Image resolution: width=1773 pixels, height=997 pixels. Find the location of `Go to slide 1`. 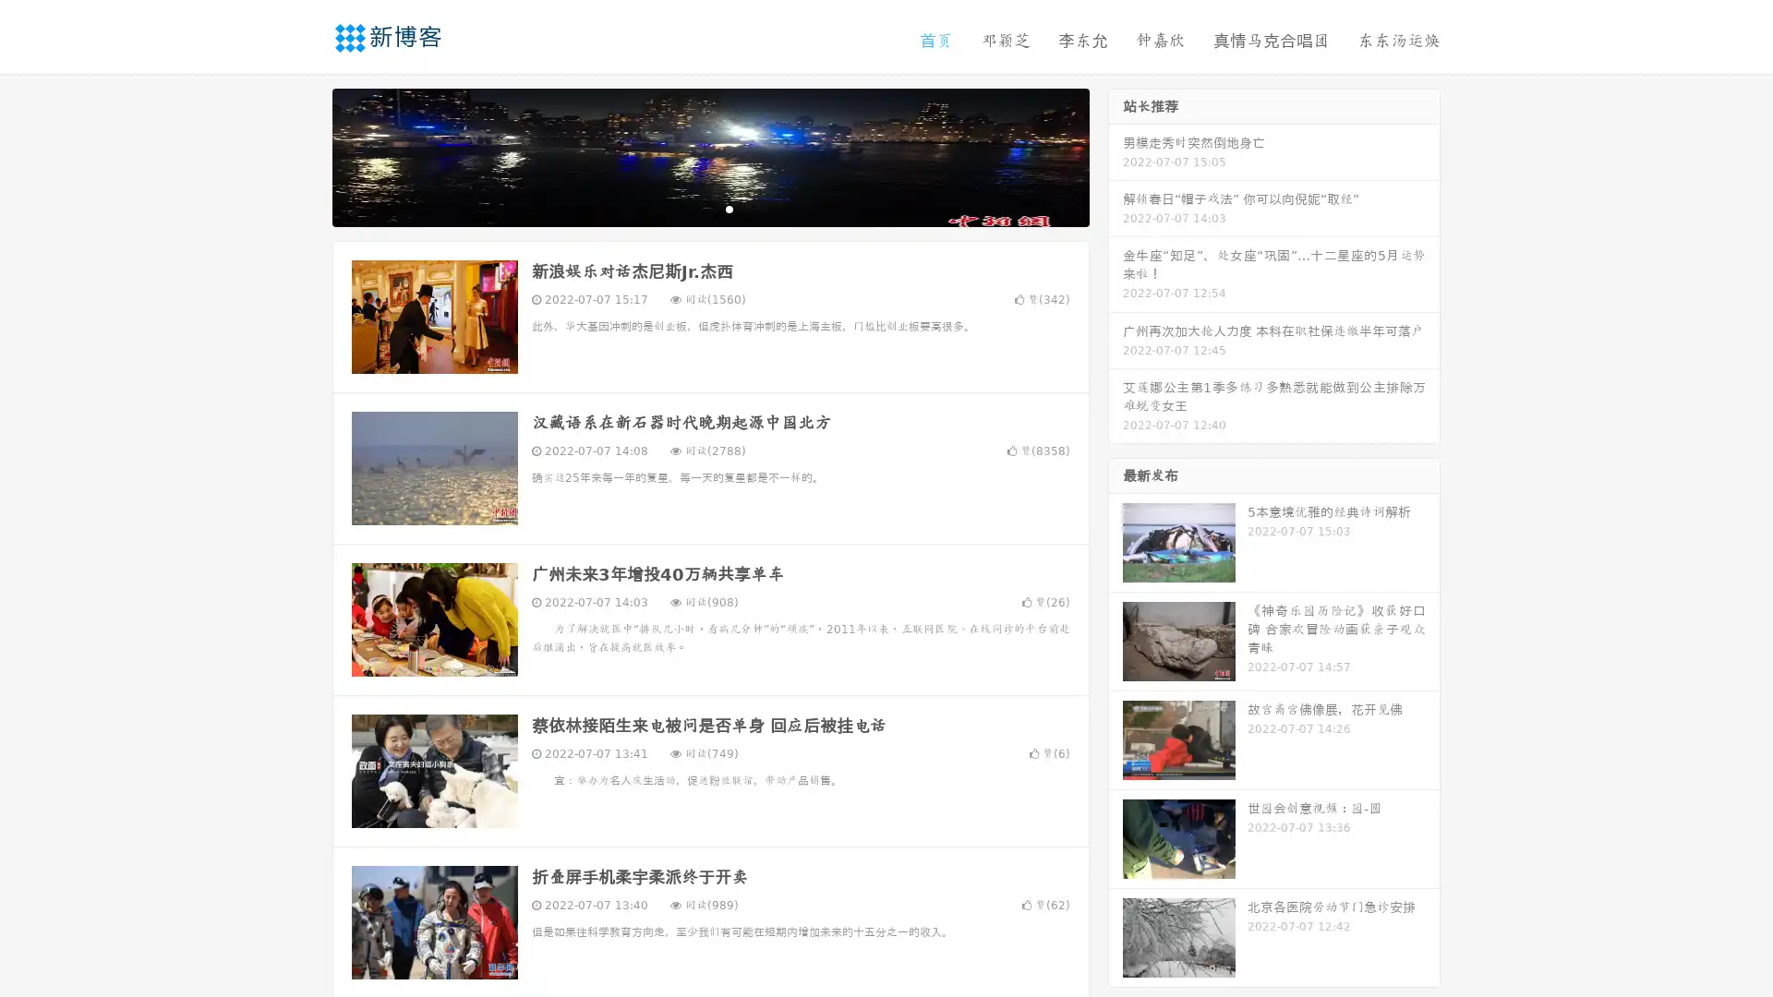

Go to slide 1 is located at coordinates (691, 208).